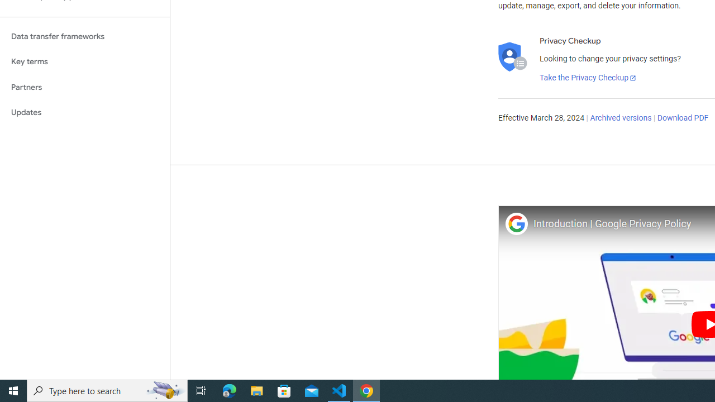  Describe the element at coordinates (682, 118) in the screenshot. I see `'Download PDF'` at that location.